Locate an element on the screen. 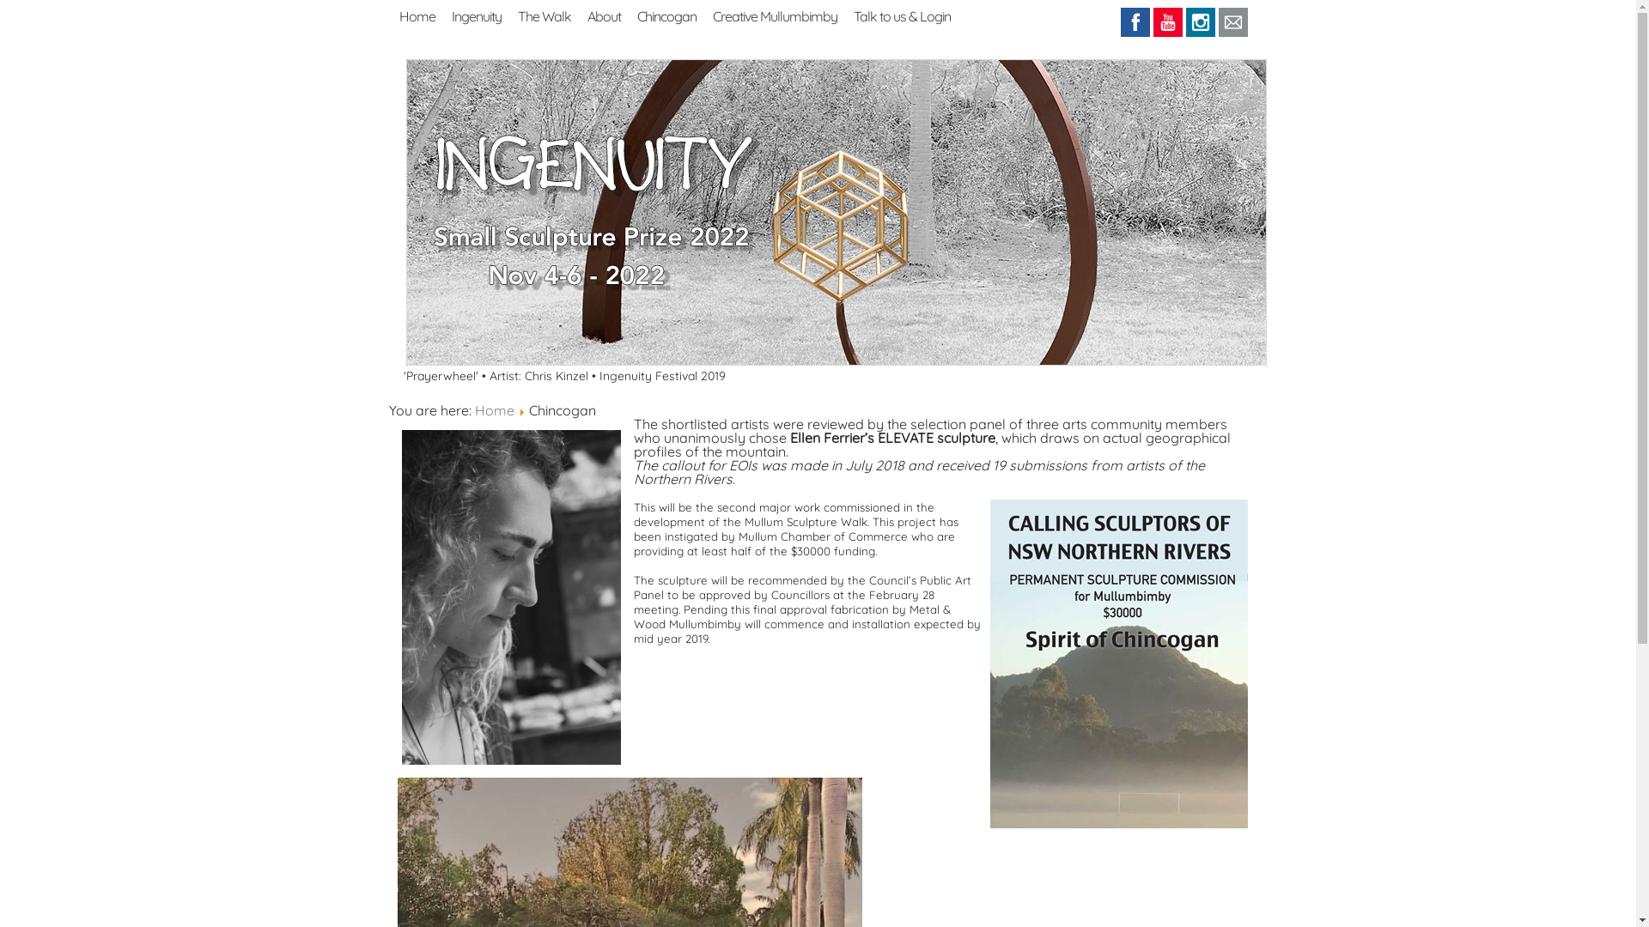 The image size is (1649, 927). 'About' is located at coordinates (604, 14).